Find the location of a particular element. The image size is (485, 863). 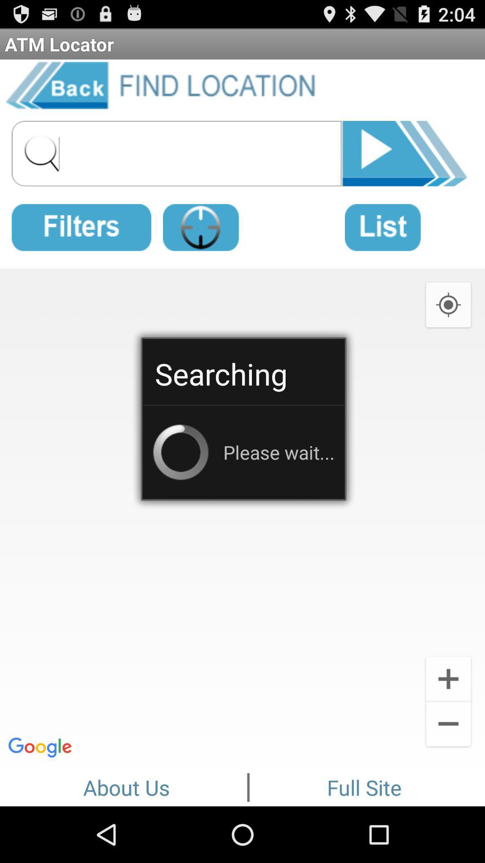

icon on the right is located at coordinates (448, 304).